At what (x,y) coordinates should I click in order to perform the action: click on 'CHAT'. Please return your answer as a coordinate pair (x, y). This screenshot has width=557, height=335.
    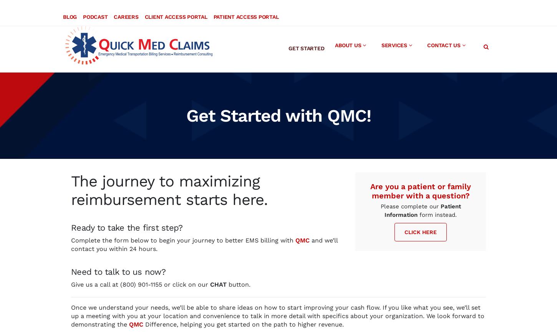
    Looking at the image, I should click on (217, 277).